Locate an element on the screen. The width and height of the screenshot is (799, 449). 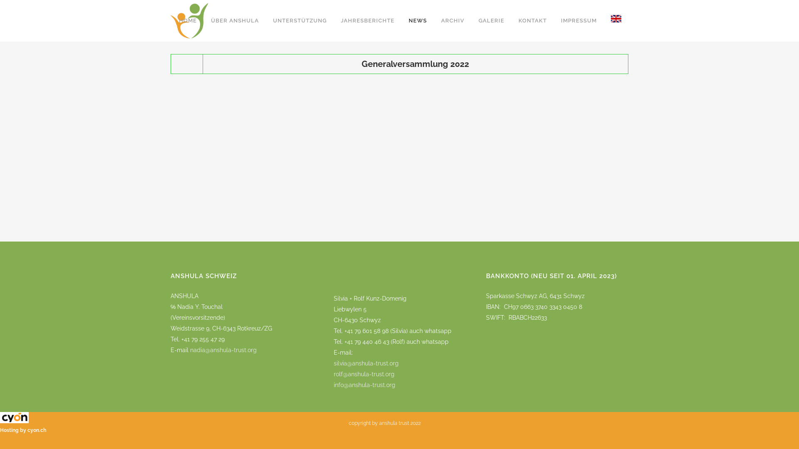
'nadia@anshula-trust.org' is located at coordinates (223, 350).